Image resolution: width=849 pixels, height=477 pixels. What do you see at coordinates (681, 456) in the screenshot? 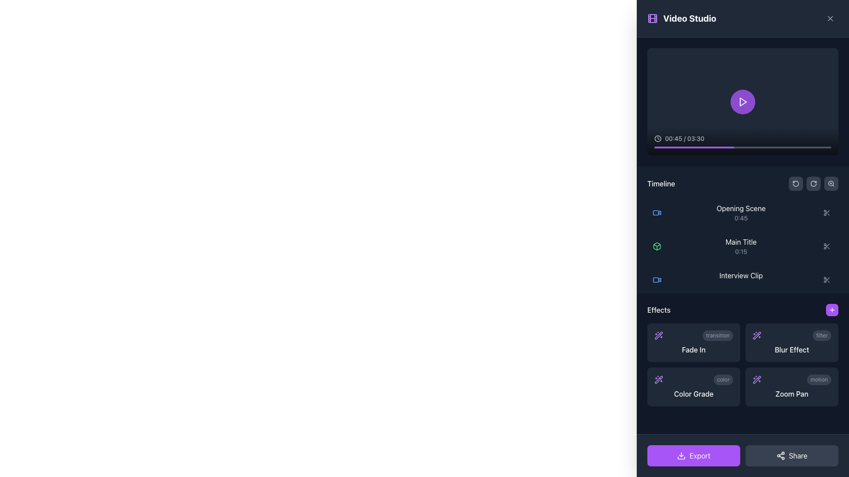
I see `the download icon associated with the 'Export' button for accessibility` at bounding box center [681, 456].